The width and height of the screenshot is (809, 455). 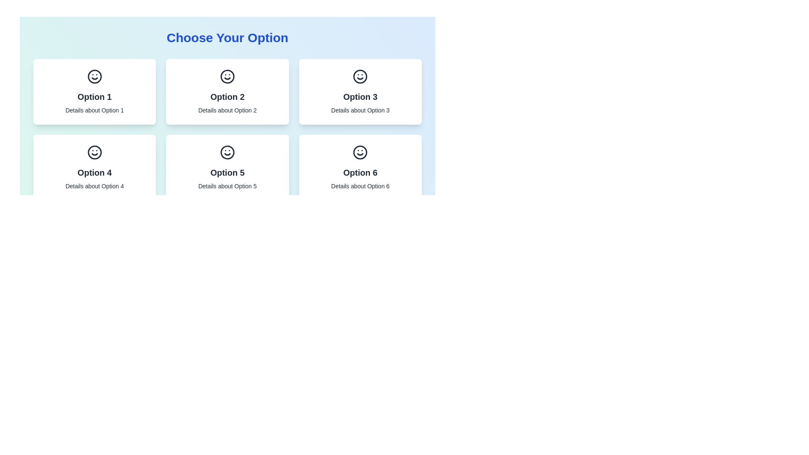 I want to click on the circular outline of the smiley icon, which represents the outer border within the top-left card labeled 'Option 1' in a grid of options, so click(x=94, y=76).